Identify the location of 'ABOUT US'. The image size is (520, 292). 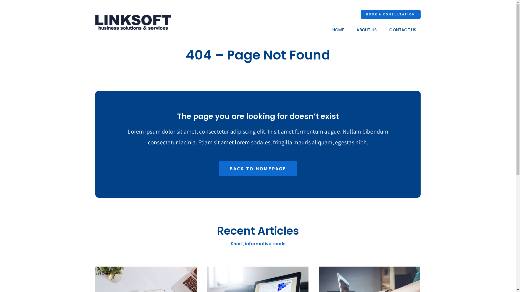
(366, 30).